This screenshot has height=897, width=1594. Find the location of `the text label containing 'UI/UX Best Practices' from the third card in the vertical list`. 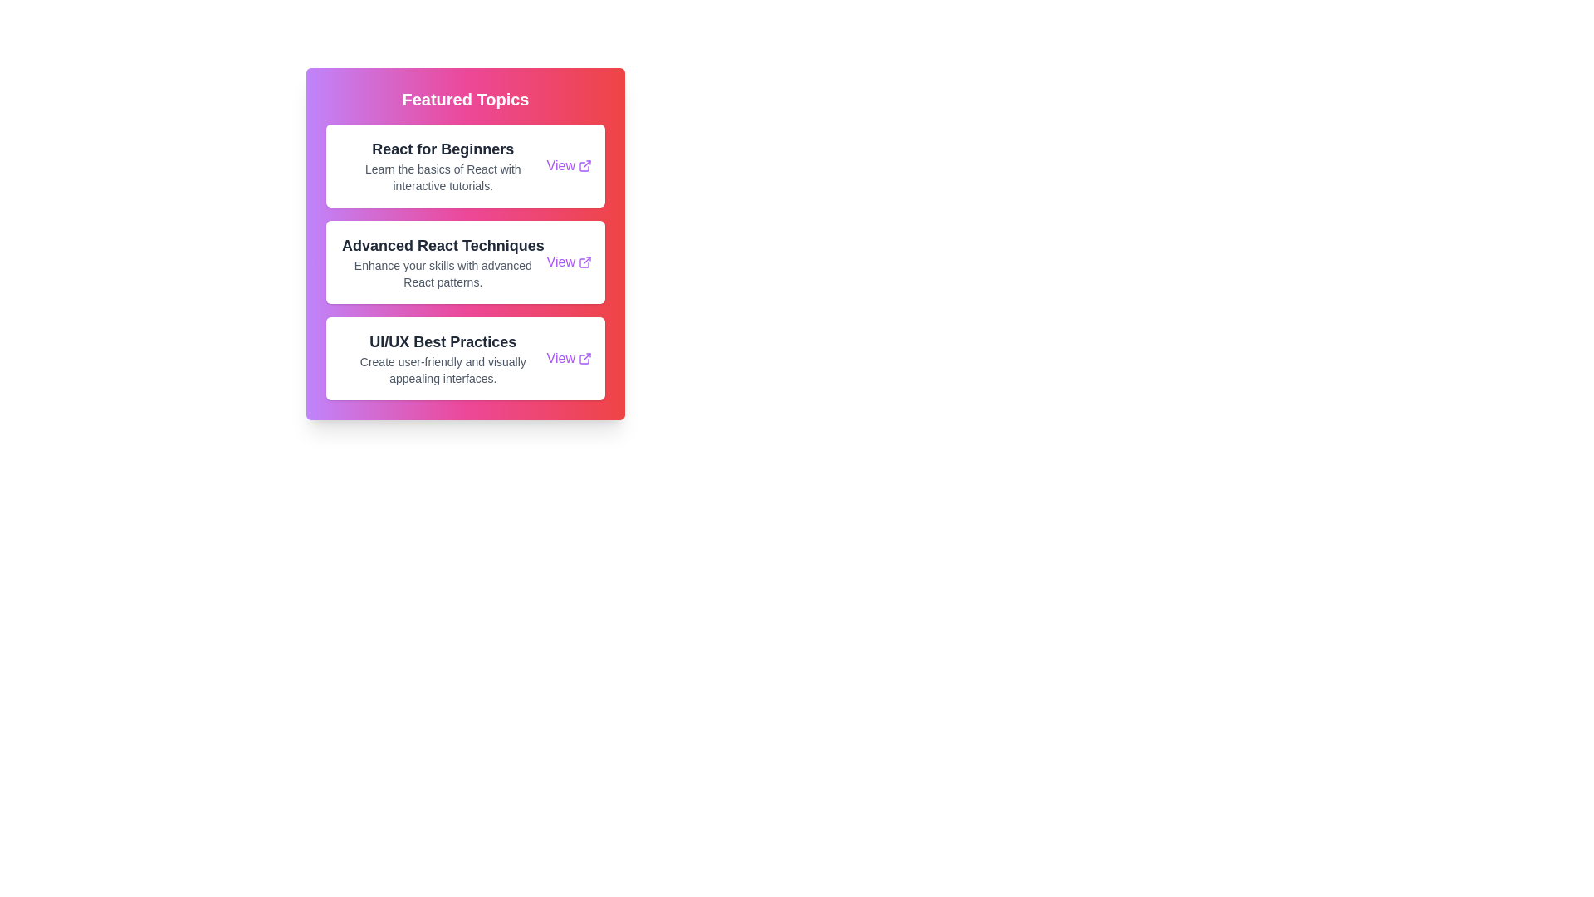

the text label containing 'UI/UX Best Practices' from the third card in the vertical list is located at coordinates (443, 341).